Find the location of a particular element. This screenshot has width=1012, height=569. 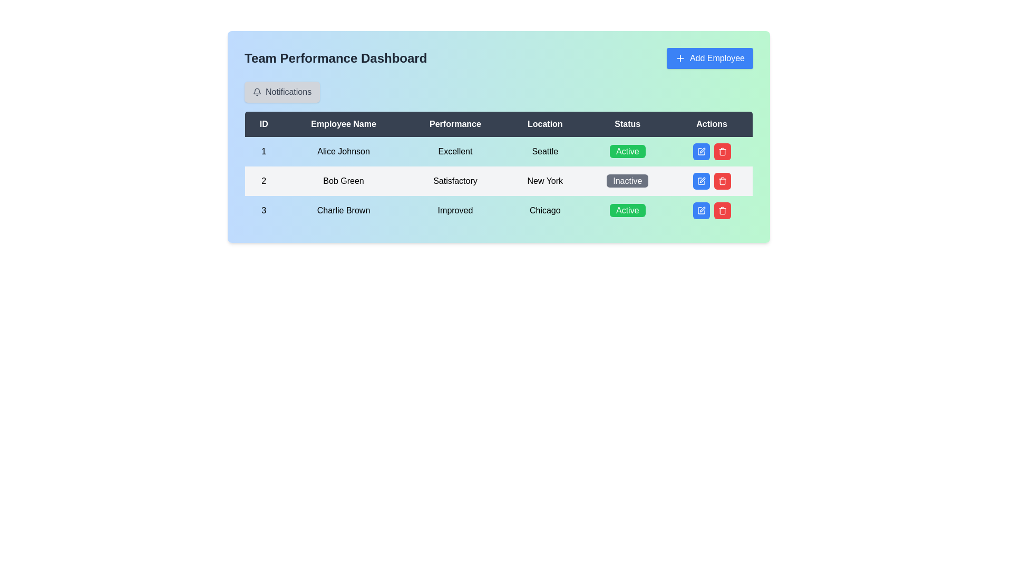

the 'Status' text label element, which is a white text on a dark background, located in the header row of a table between 'Location' and 'Actions' is located at coordinates (627, 123).